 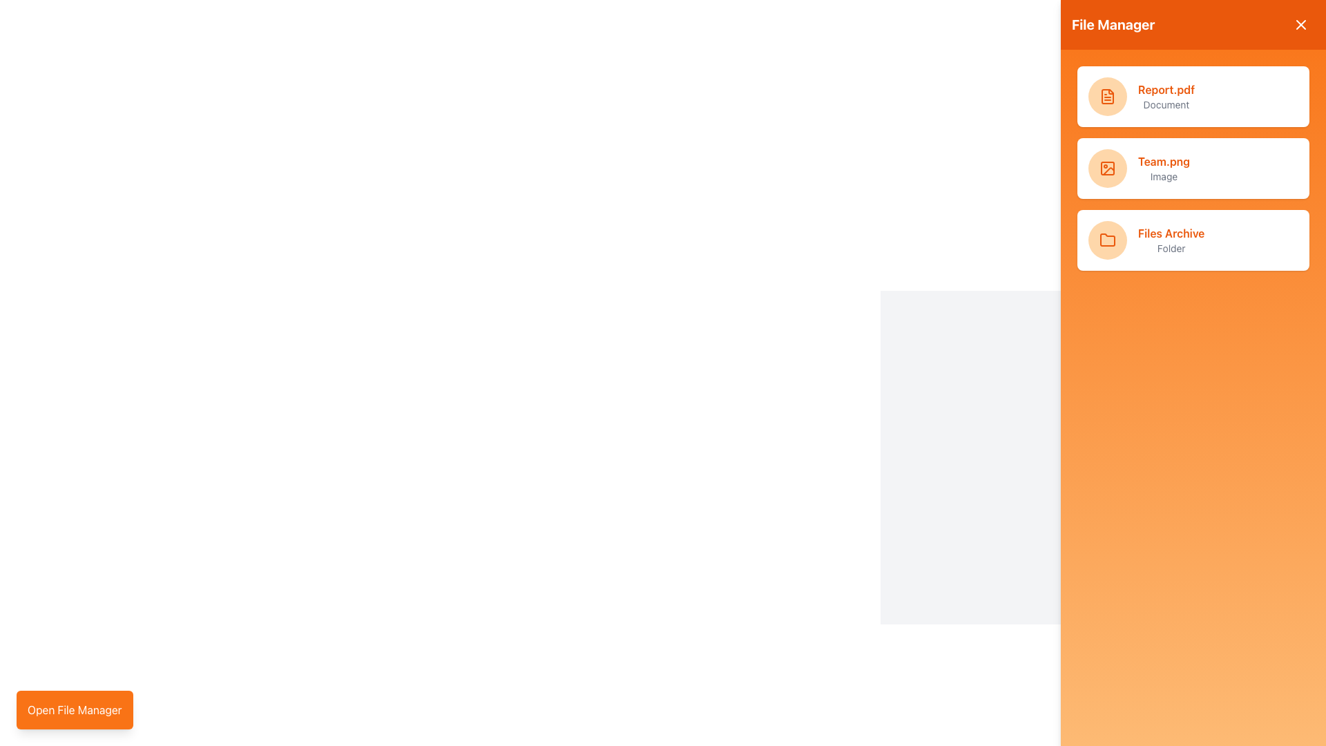 I want to click on the 'Report.pdf' file icon from the File Manager interface, so click(x=1107, y=95).